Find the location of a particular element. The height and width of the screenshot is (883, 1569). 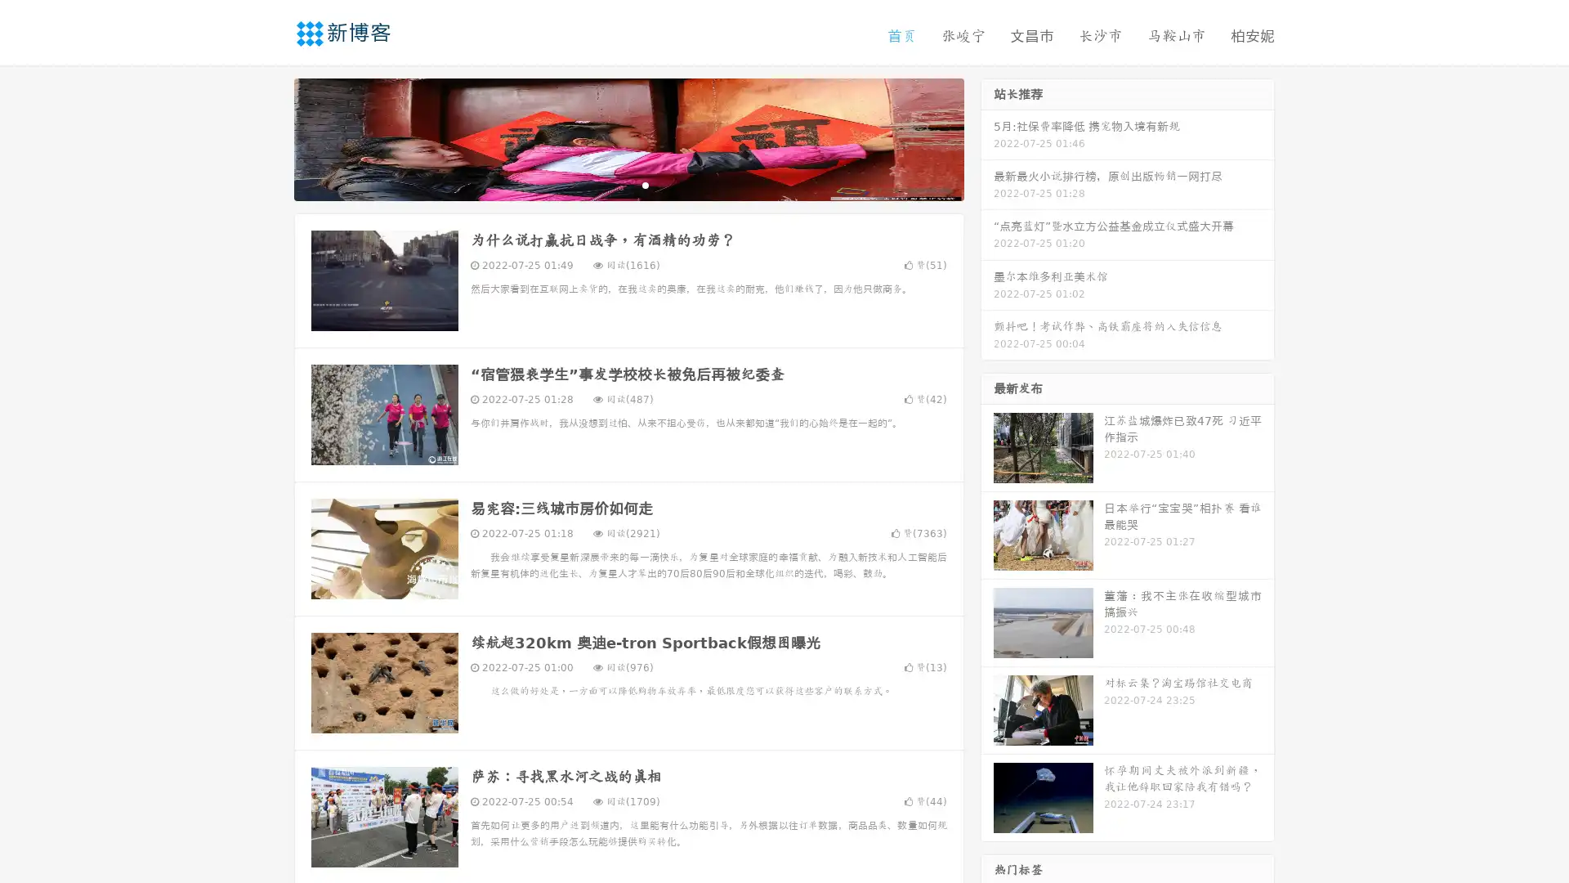

Go to slide 3 is located at coordinates (645, 184).